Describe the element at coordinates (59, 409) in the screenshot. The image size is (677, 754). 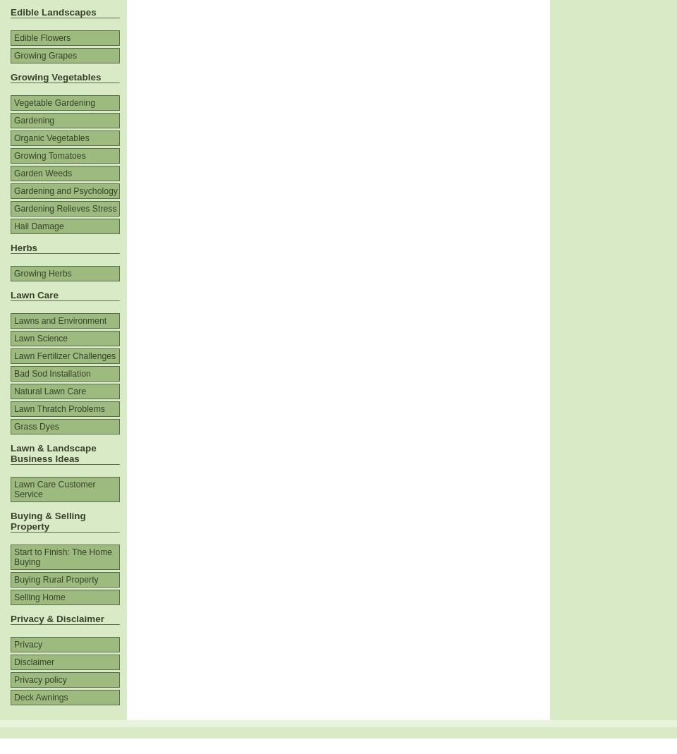
I see `'Lawn Thratch Problems'` at that location.